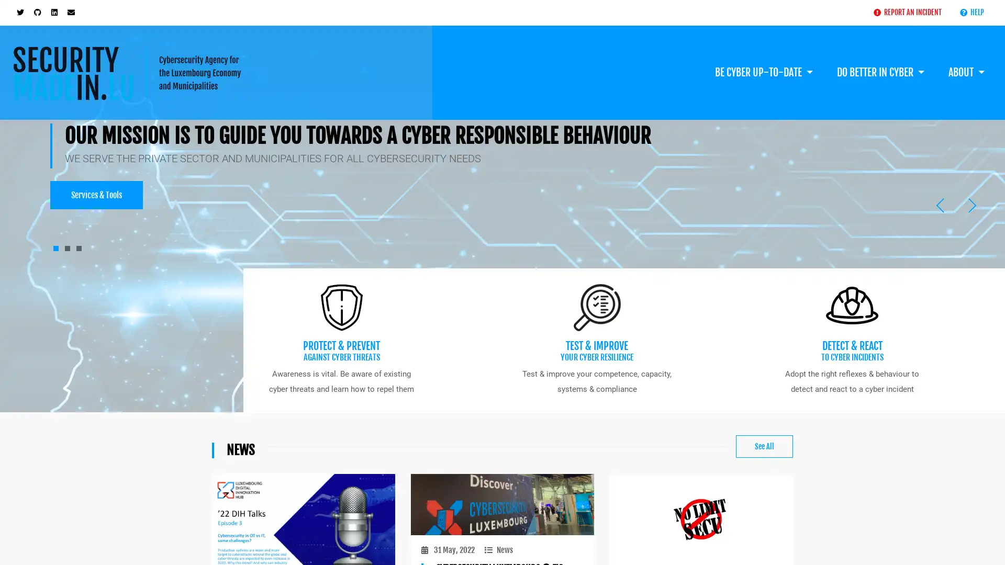 The image size is (1005, 565). Describe the element at coordinates (879, 56) in the screenshot. I see `DO BETTER IN CYBER` at that location.